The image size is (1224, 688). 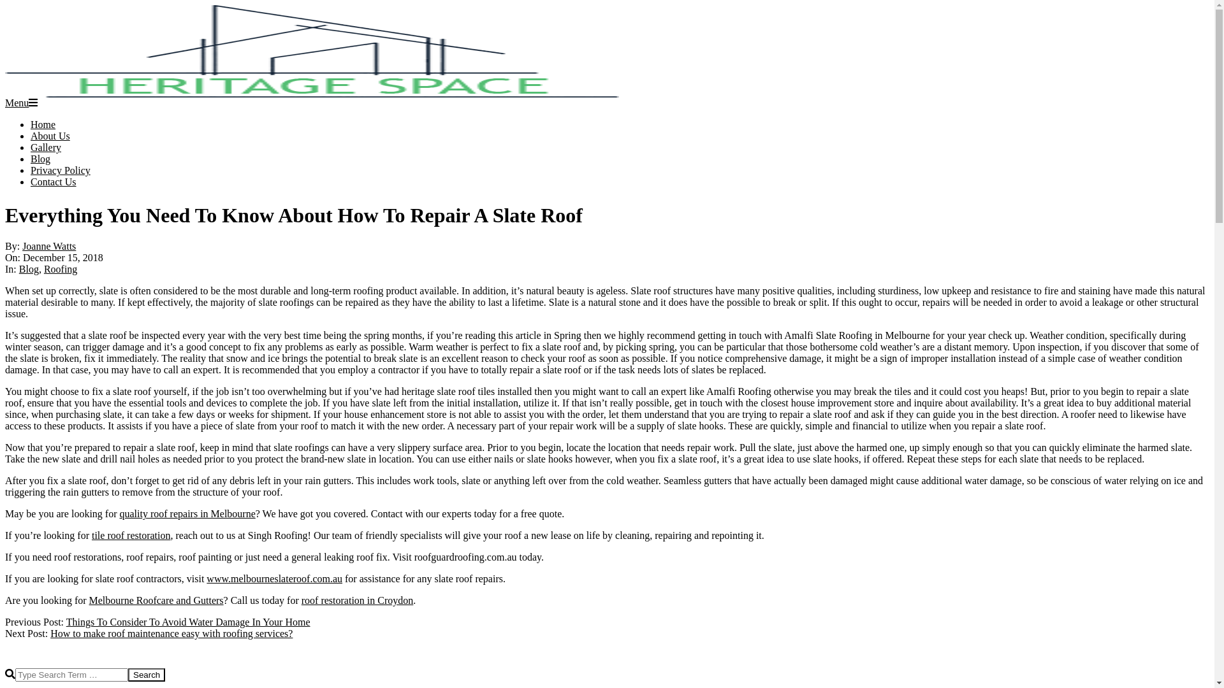 What do you see at coordinates (131, 535) in the screenshot?
I see `'tile roof restoration'` at bounding box center [131, 535].